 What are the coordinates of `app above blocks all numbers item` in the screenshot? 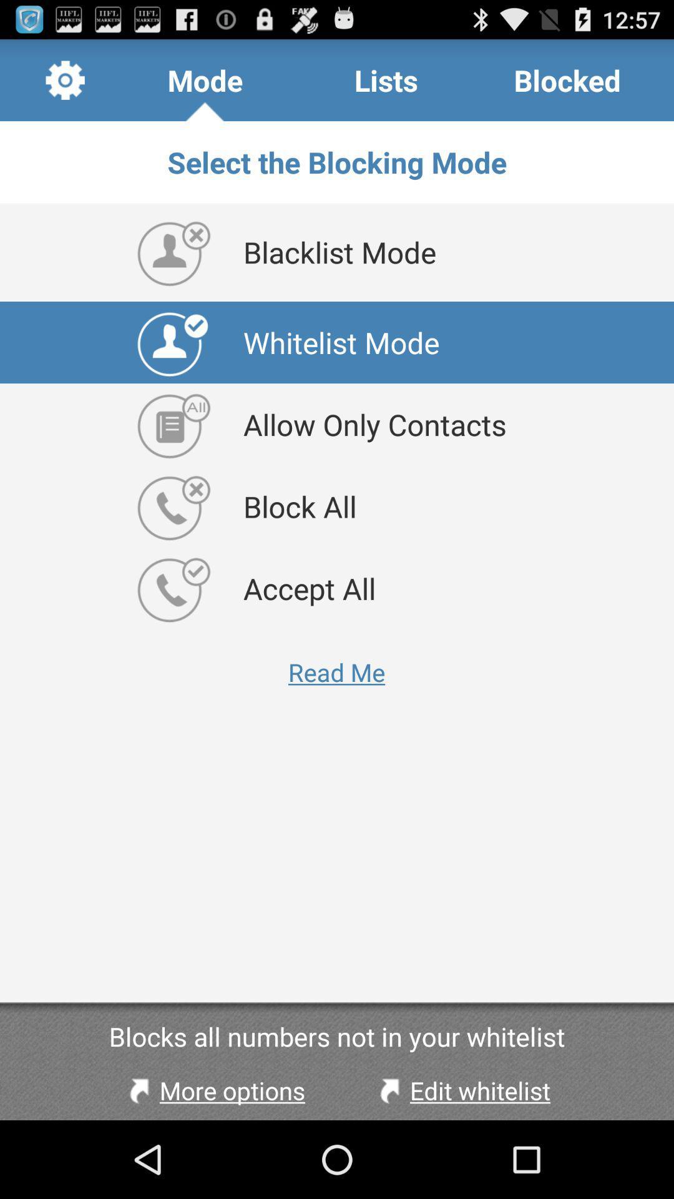 It's located at (336, 671).